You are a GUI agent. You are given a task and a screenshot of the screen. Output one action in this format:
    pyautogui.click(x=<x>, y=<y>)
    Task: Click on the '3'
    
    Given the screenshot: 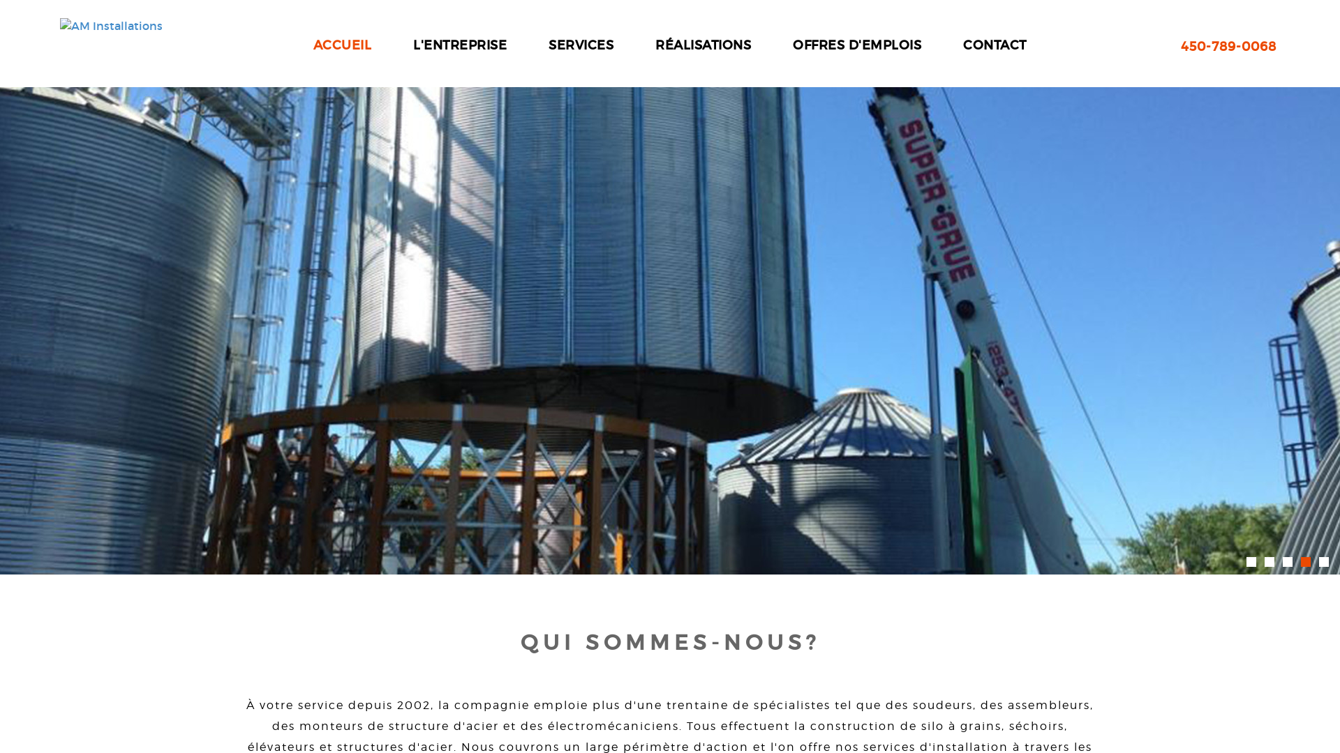 What is the action you would take?
    pyautogui.click(x=1286, y=561)
    